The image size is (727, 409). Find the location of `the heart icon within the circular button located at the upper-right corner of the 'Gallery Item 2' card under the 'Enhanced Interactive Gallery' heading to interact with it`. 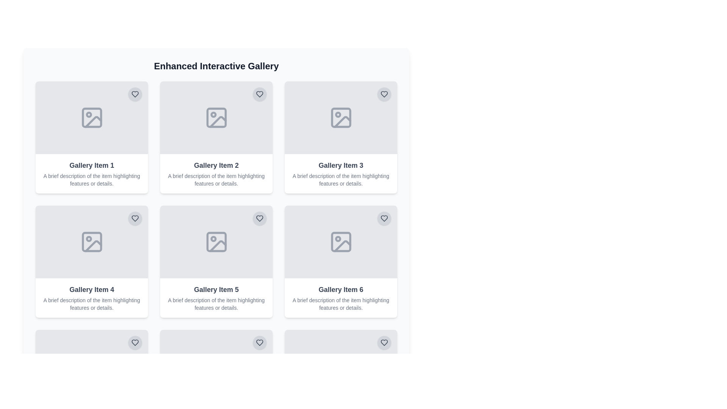

the heart icon within the circular button located at the upper-right corner of the 'Gallery Item 2' card under the 'Enhanced Interactive Gallery' heading to interact with it is located at coordinates (260, 94).